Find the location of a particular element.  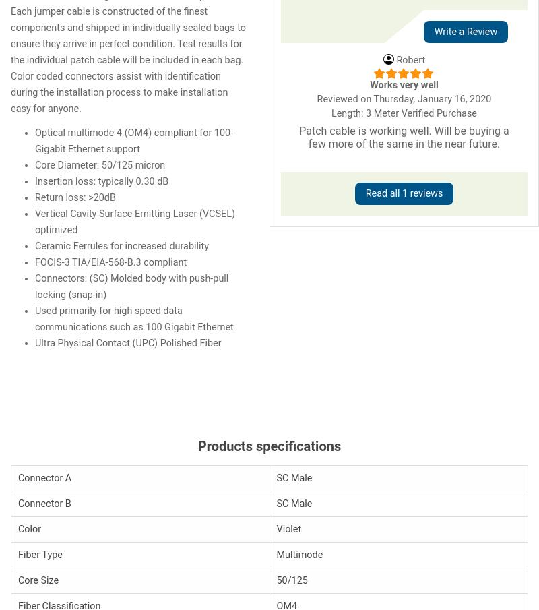

'Ceramic Ferrules for increased durability' is located at coordinates (121, 245).